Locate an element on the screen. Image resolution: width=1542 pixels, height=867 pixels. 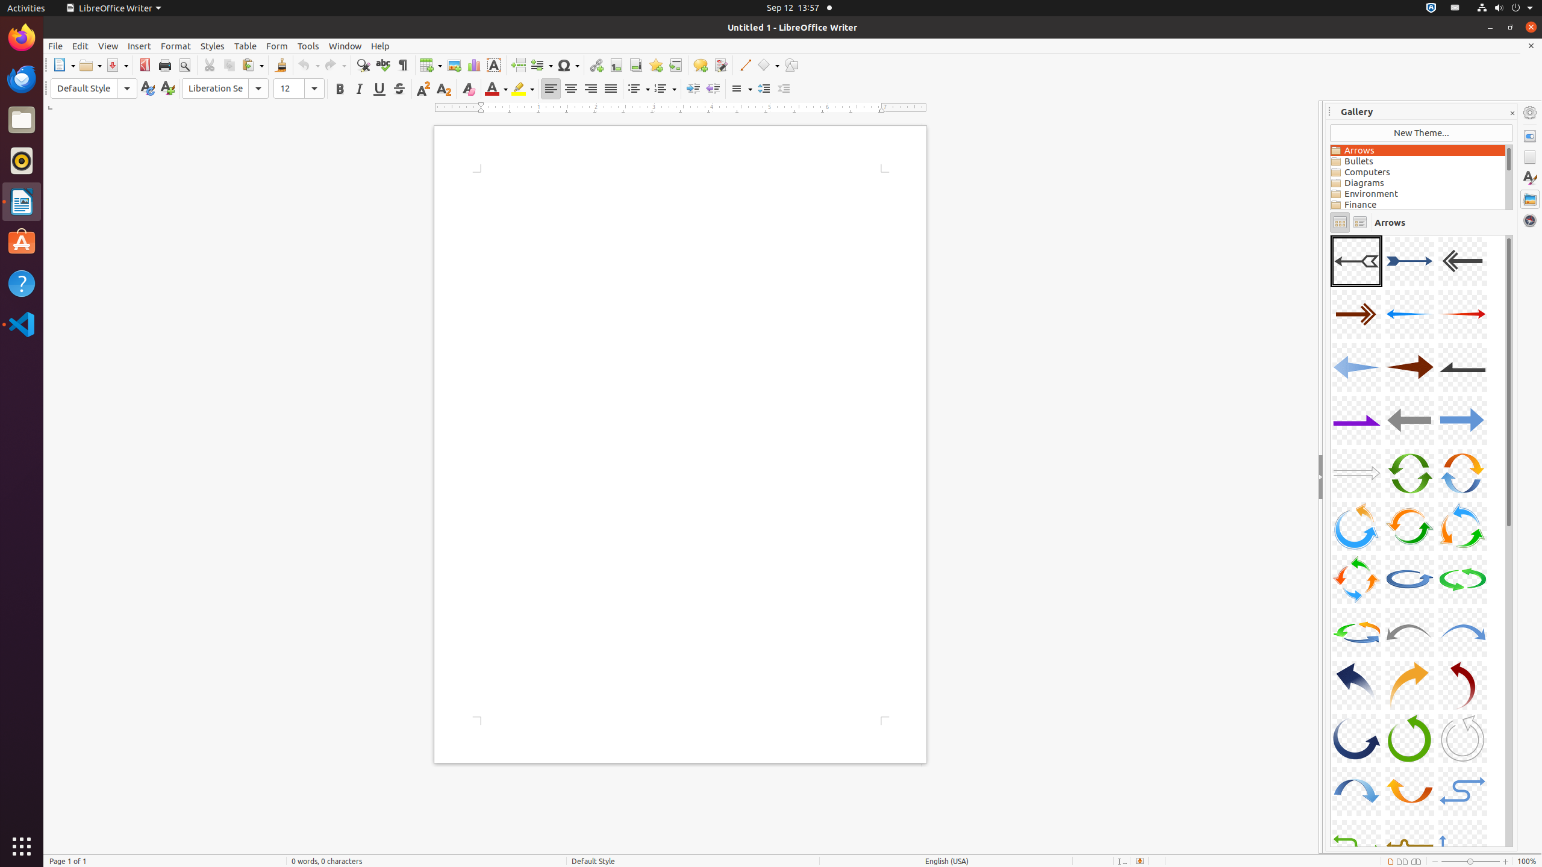
'Symbol' is located at coordinates (567, 64).